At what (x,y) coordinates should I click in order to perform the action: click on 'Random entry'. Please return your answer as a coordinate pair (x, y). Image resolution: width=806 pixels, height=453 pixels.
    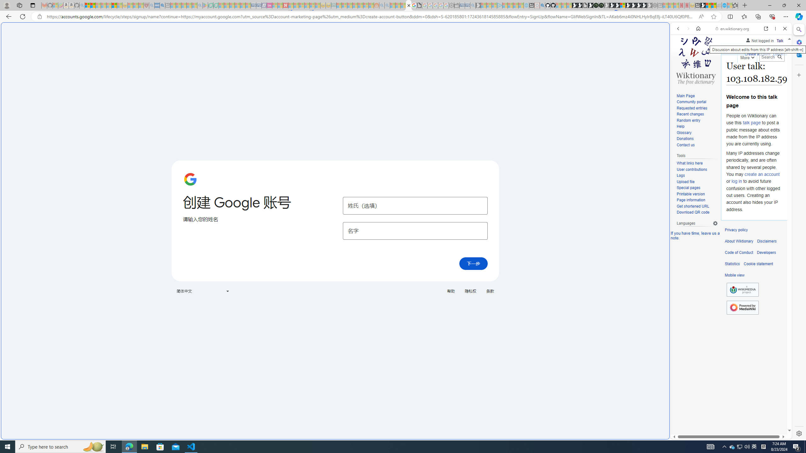
    Looking at the image, I should click on (688, 120).